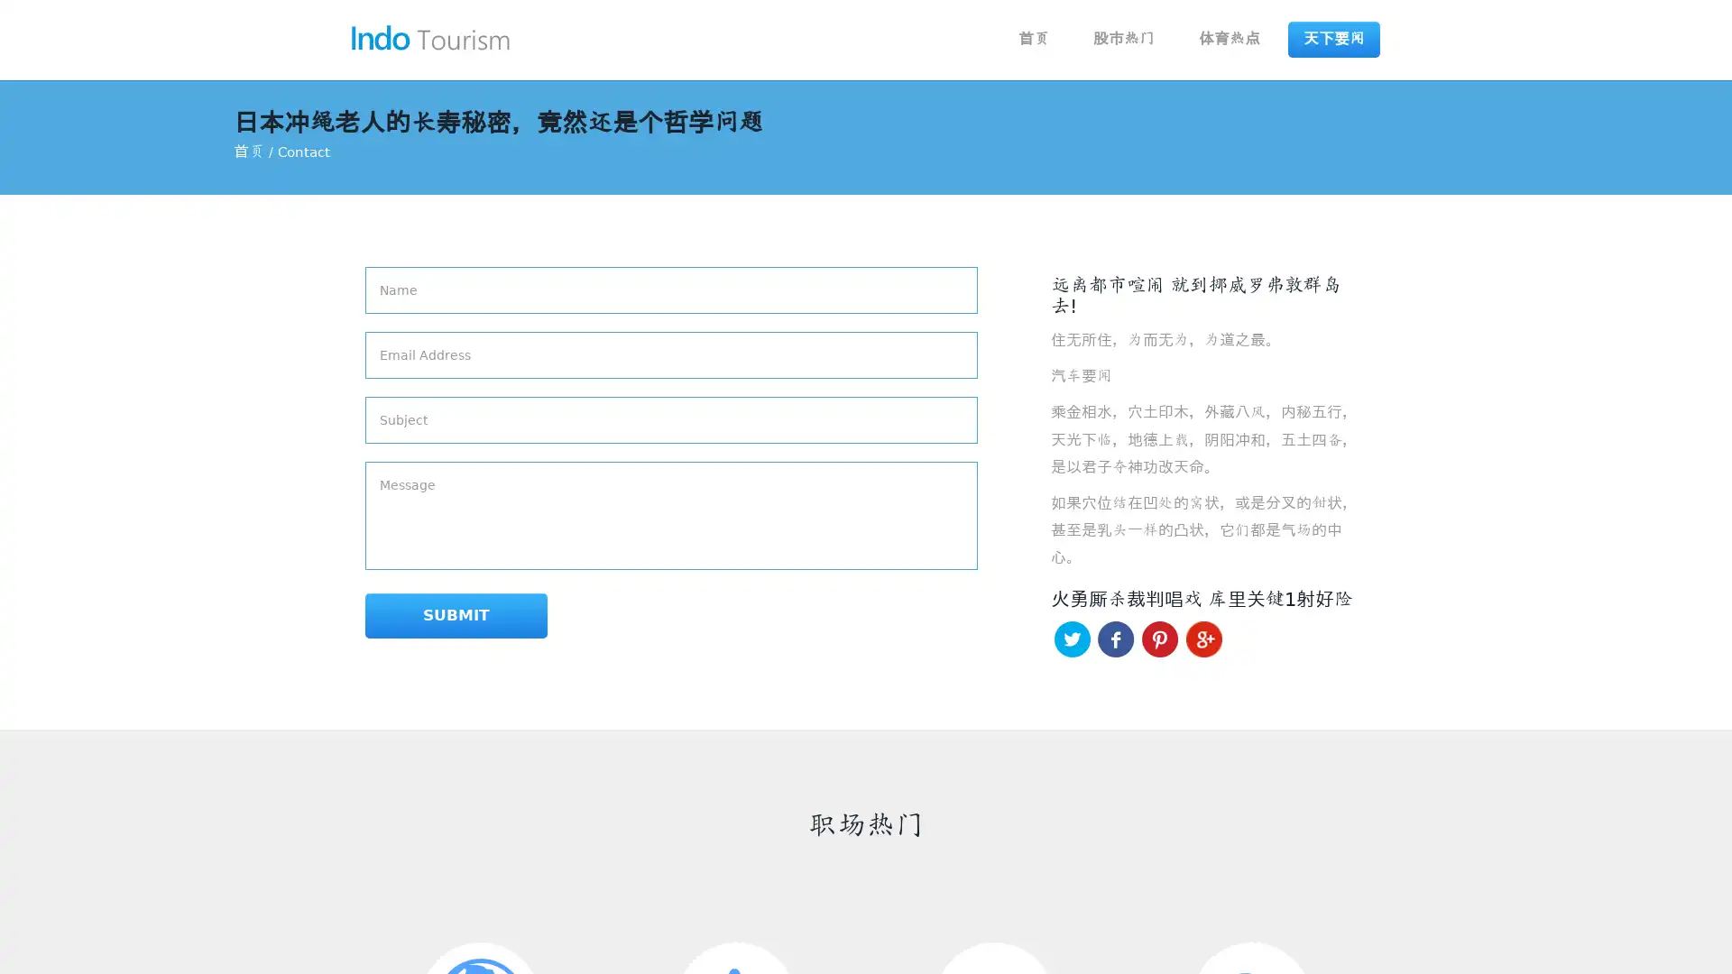  Describe the element at coordinates (430, 615) in the screenshot. I see `Submit` at that location.